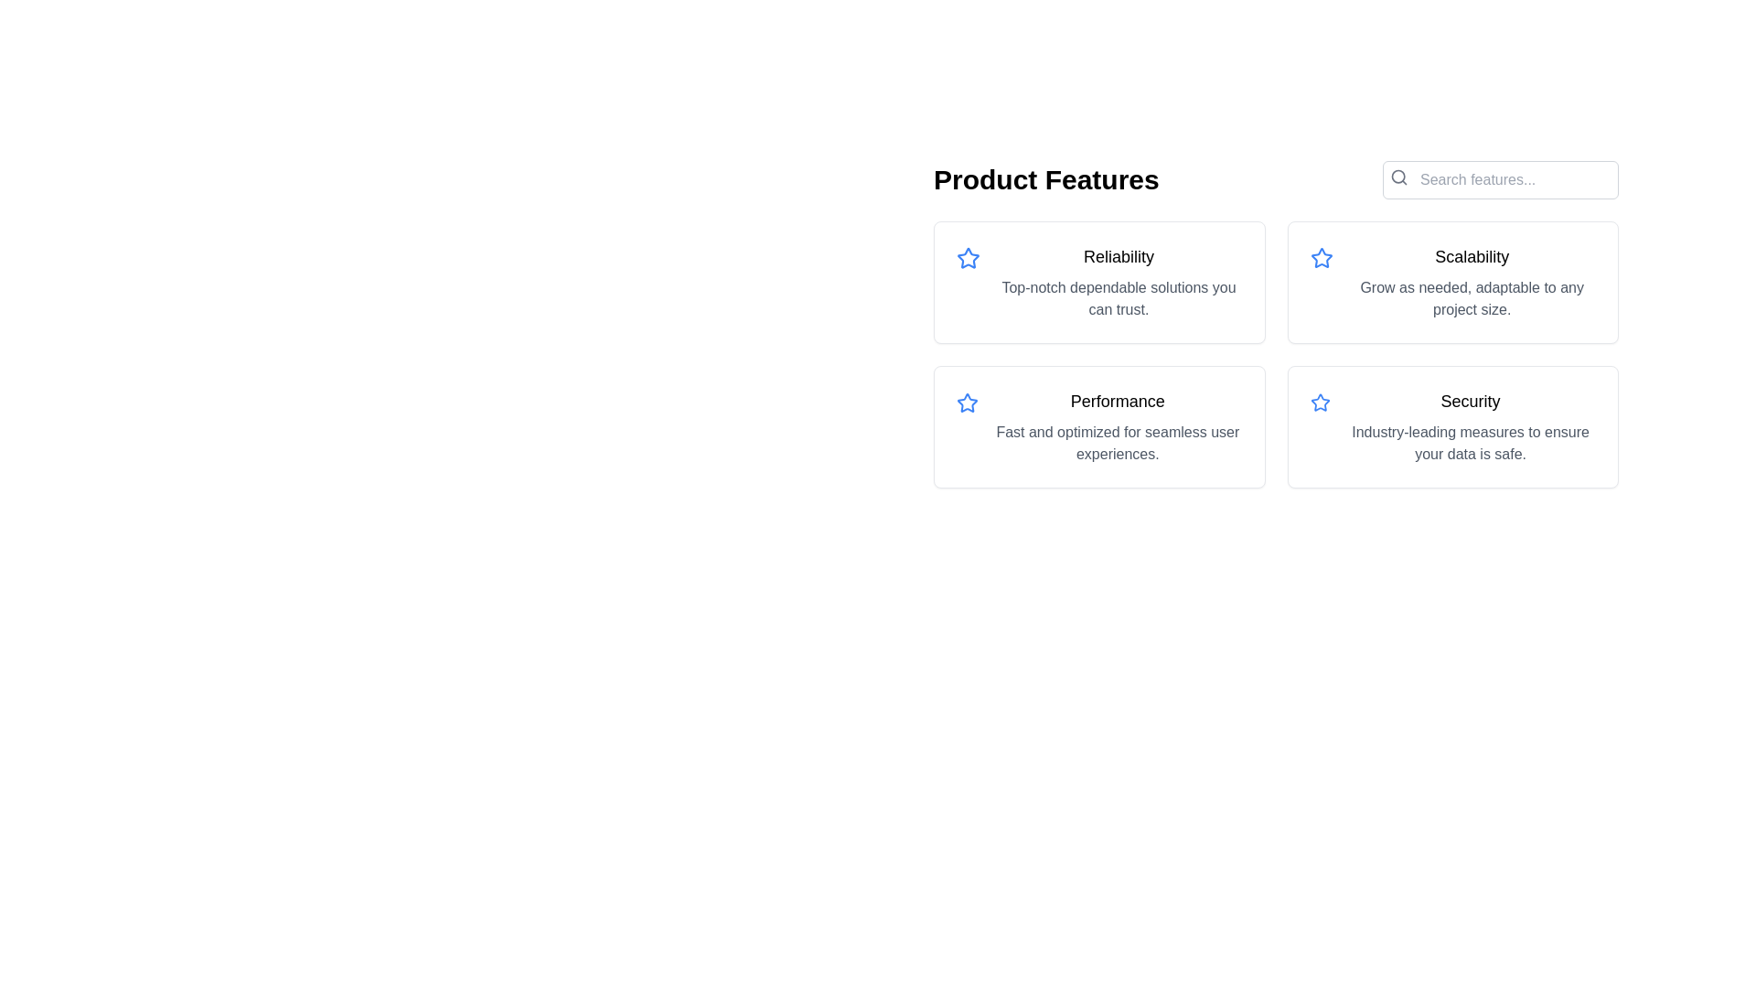 This screenshot has width=1756, height=988. Describe the element at coordinates (1322, 258) in the screenshot. I see `the quality rating icon located in the top-right quadrant of the grid, directly above the 'Scalability' label` at that location.